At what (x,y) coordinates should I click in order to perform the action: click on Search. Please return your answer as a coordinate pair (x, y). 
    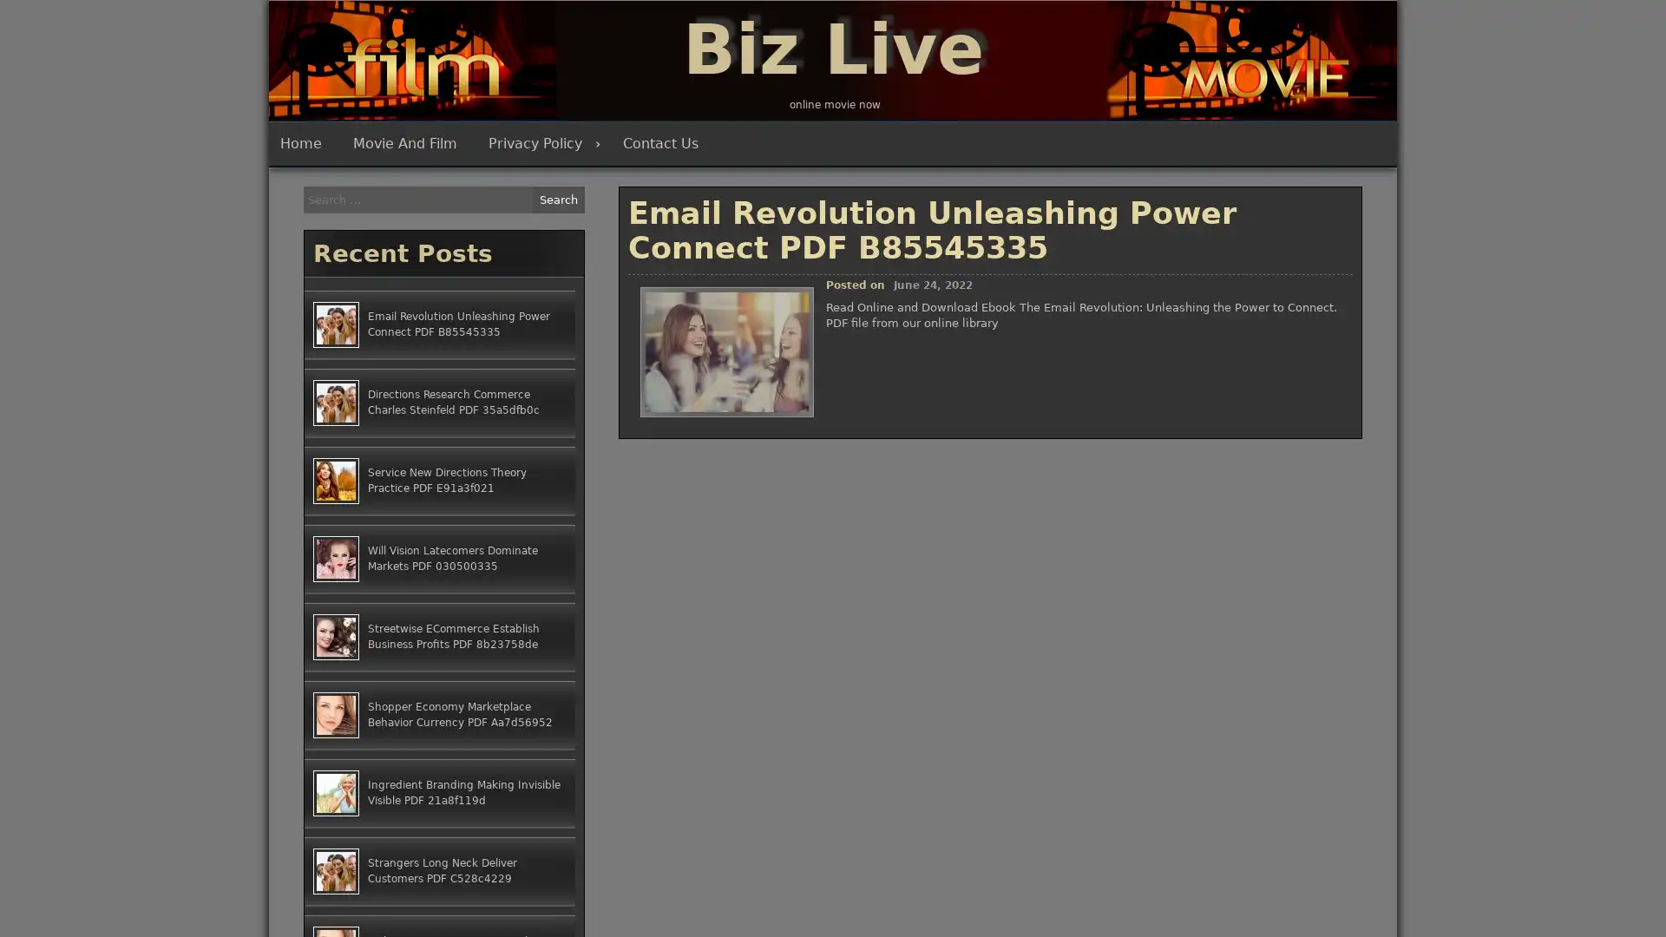
    Looking at the image, I should click on (558, 199).